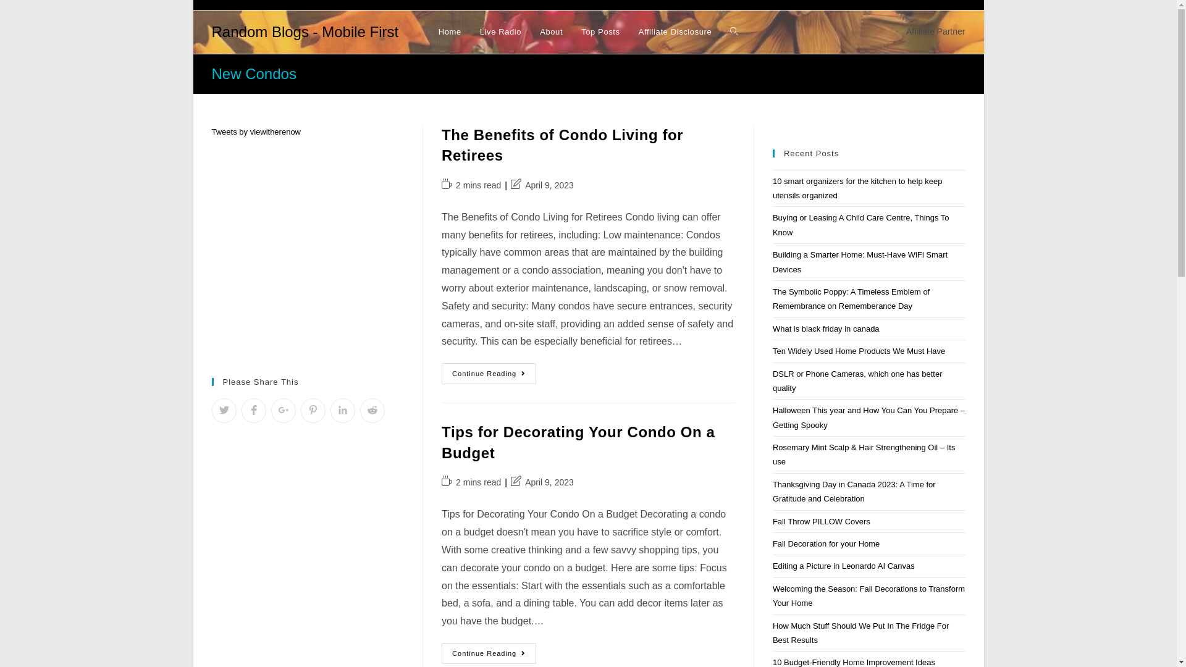 This screenshot has height=667, width=1186. Describe the element at coordinates (821, 521) in the screenshot. I see `'Fall Throw PILLOW Covers'` at that location.